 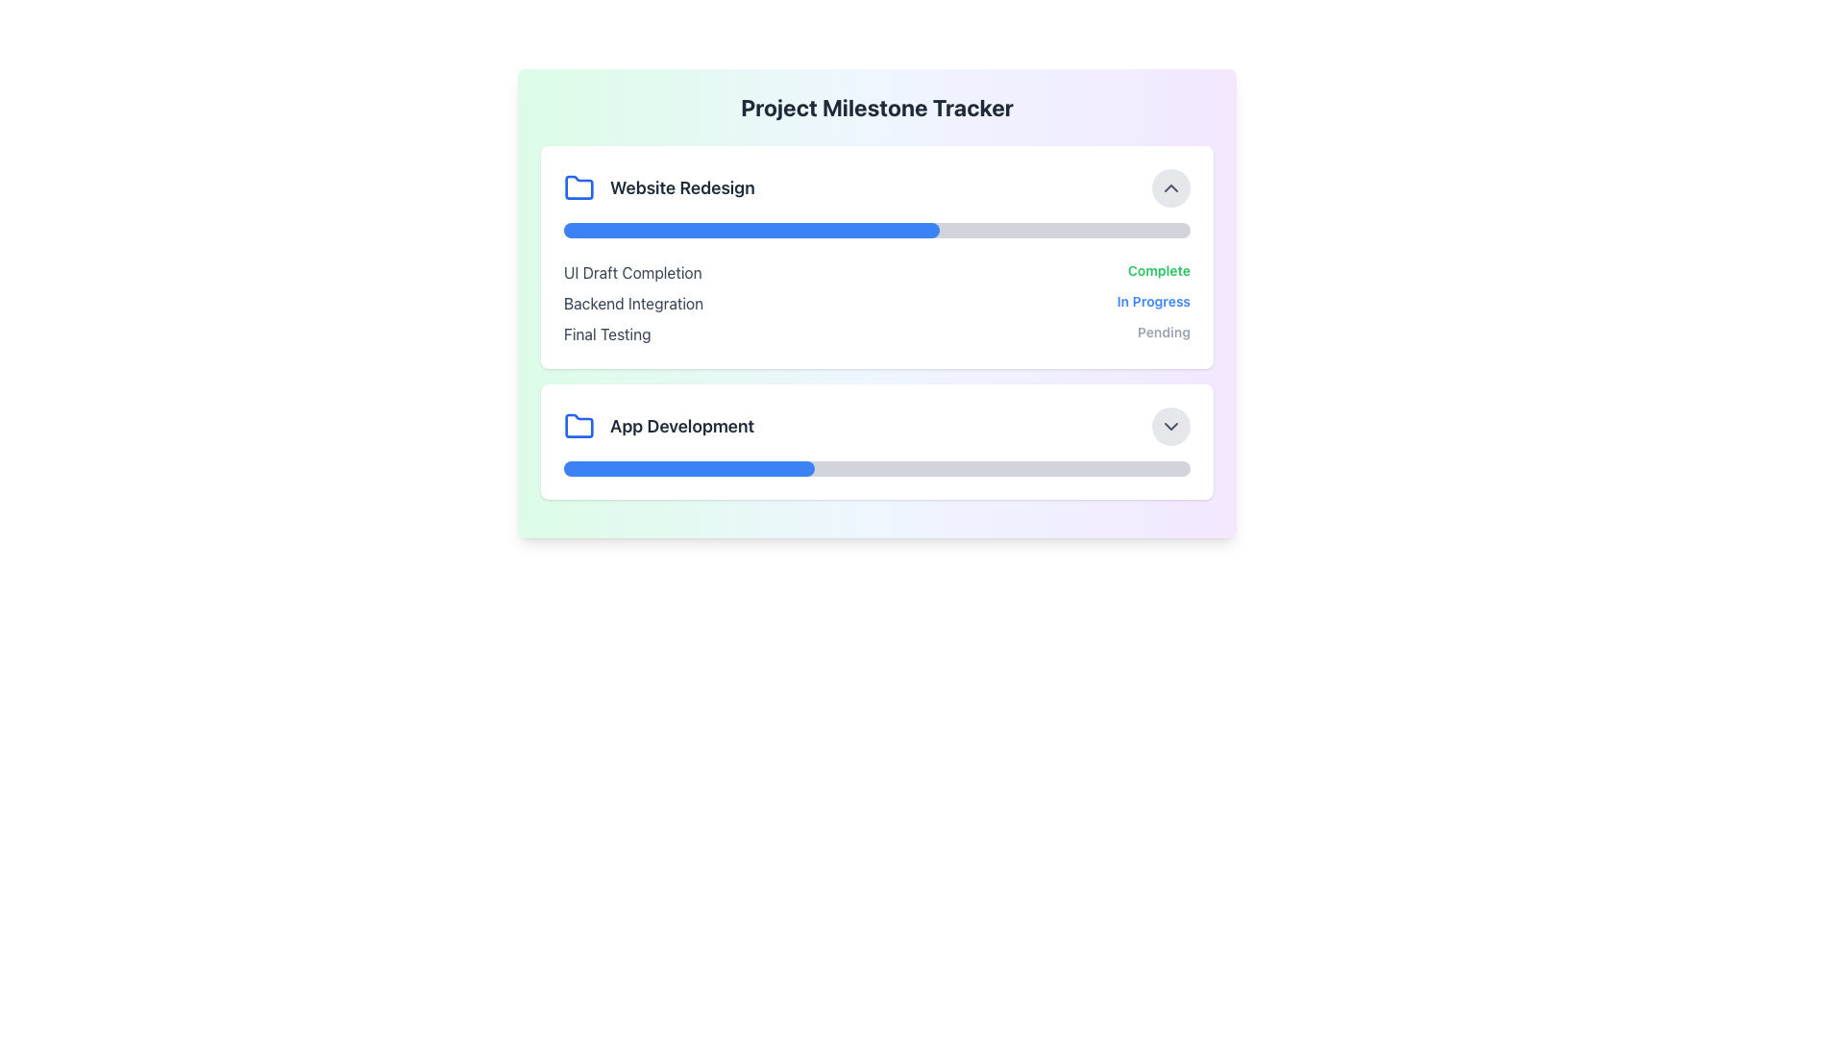 What do you see at coordinates (889, 229) in the screenshot?
I see `the progress bar` at bounding box center [889, 229].